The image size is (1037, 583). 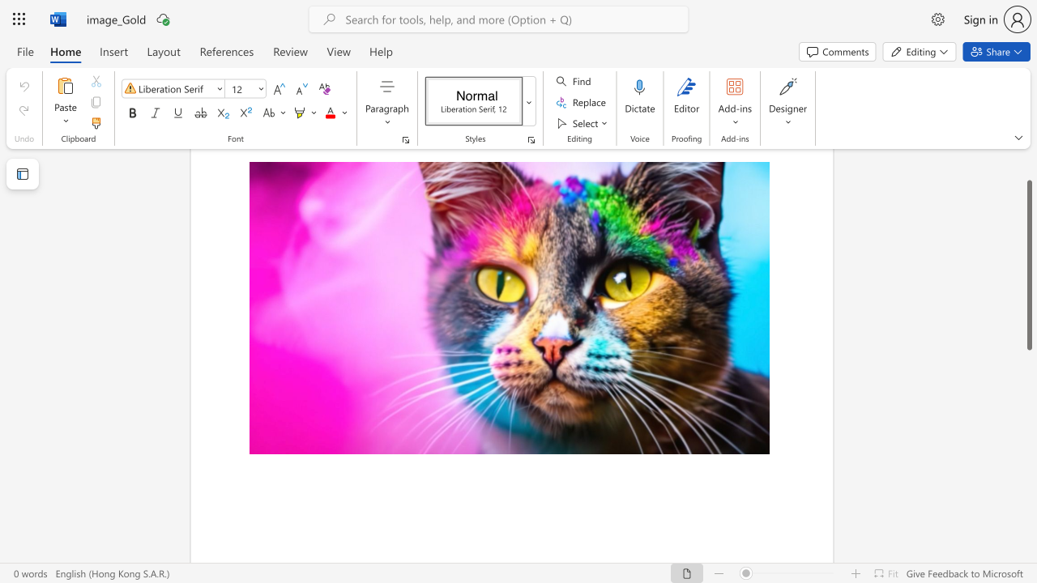 I want to click on the scrollbar and move up 40 pixels, so click(x=1028, y=264).